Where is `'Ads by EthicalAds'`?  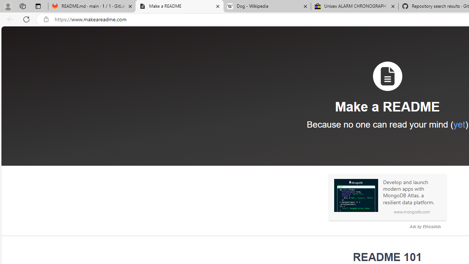
'Ads by EthicalAds' is located at coordinates (425, 226).